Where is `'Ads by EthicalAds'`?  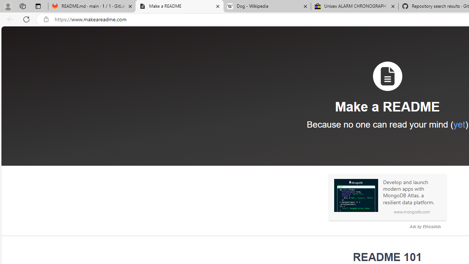
'Ads by EthicalAds' is located at coordinates (425, 226).